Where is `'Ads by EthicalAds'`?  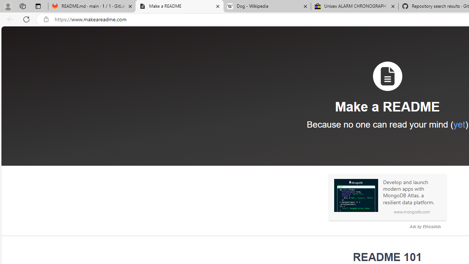
'Ads by EthicalAds' is located at coordinates (425, 226).